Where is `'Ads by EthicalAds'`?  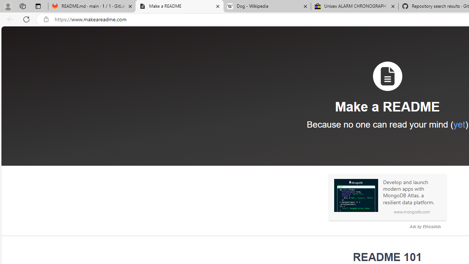
'Ads by EthicalAds' is located at coordinates (425, 226).